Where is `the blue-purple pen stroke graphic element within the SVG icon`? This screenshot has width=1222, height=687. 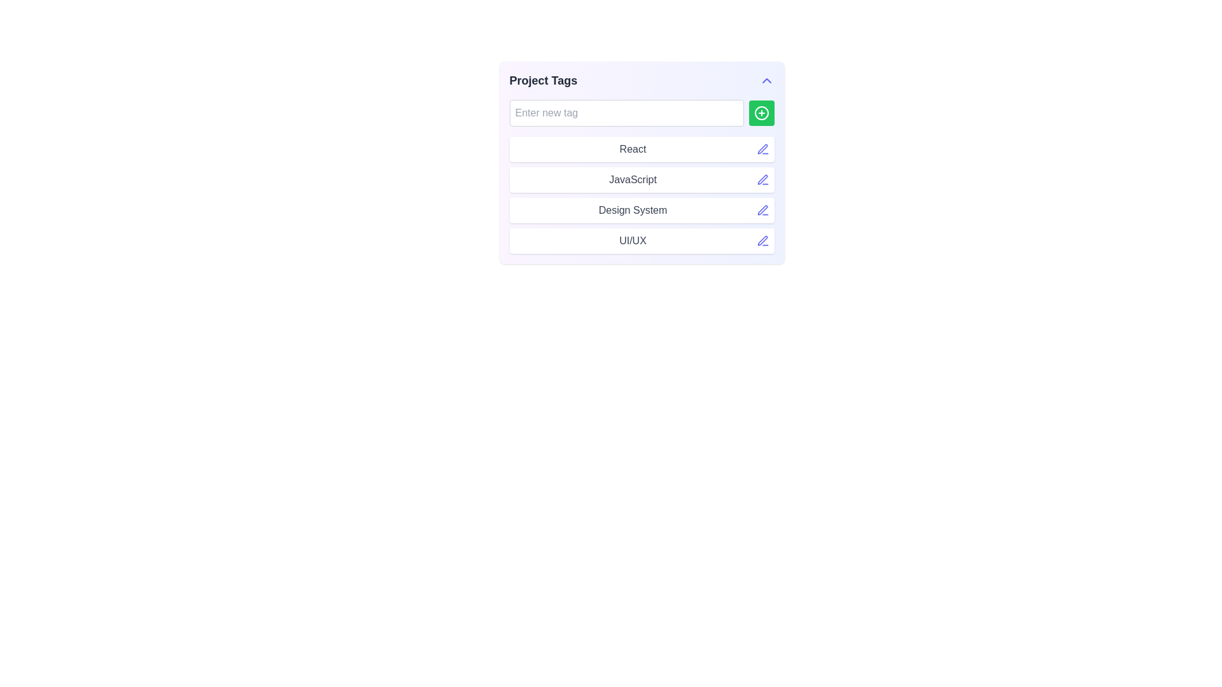 the blue-purple pen stroke graphic element within the SVG icon is located at coordinates (762, 240).